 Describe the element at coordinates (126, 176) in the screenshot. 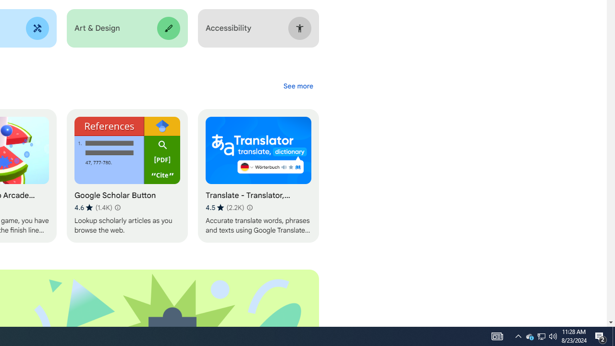

I see `'Google Scholar Button'` at that location.